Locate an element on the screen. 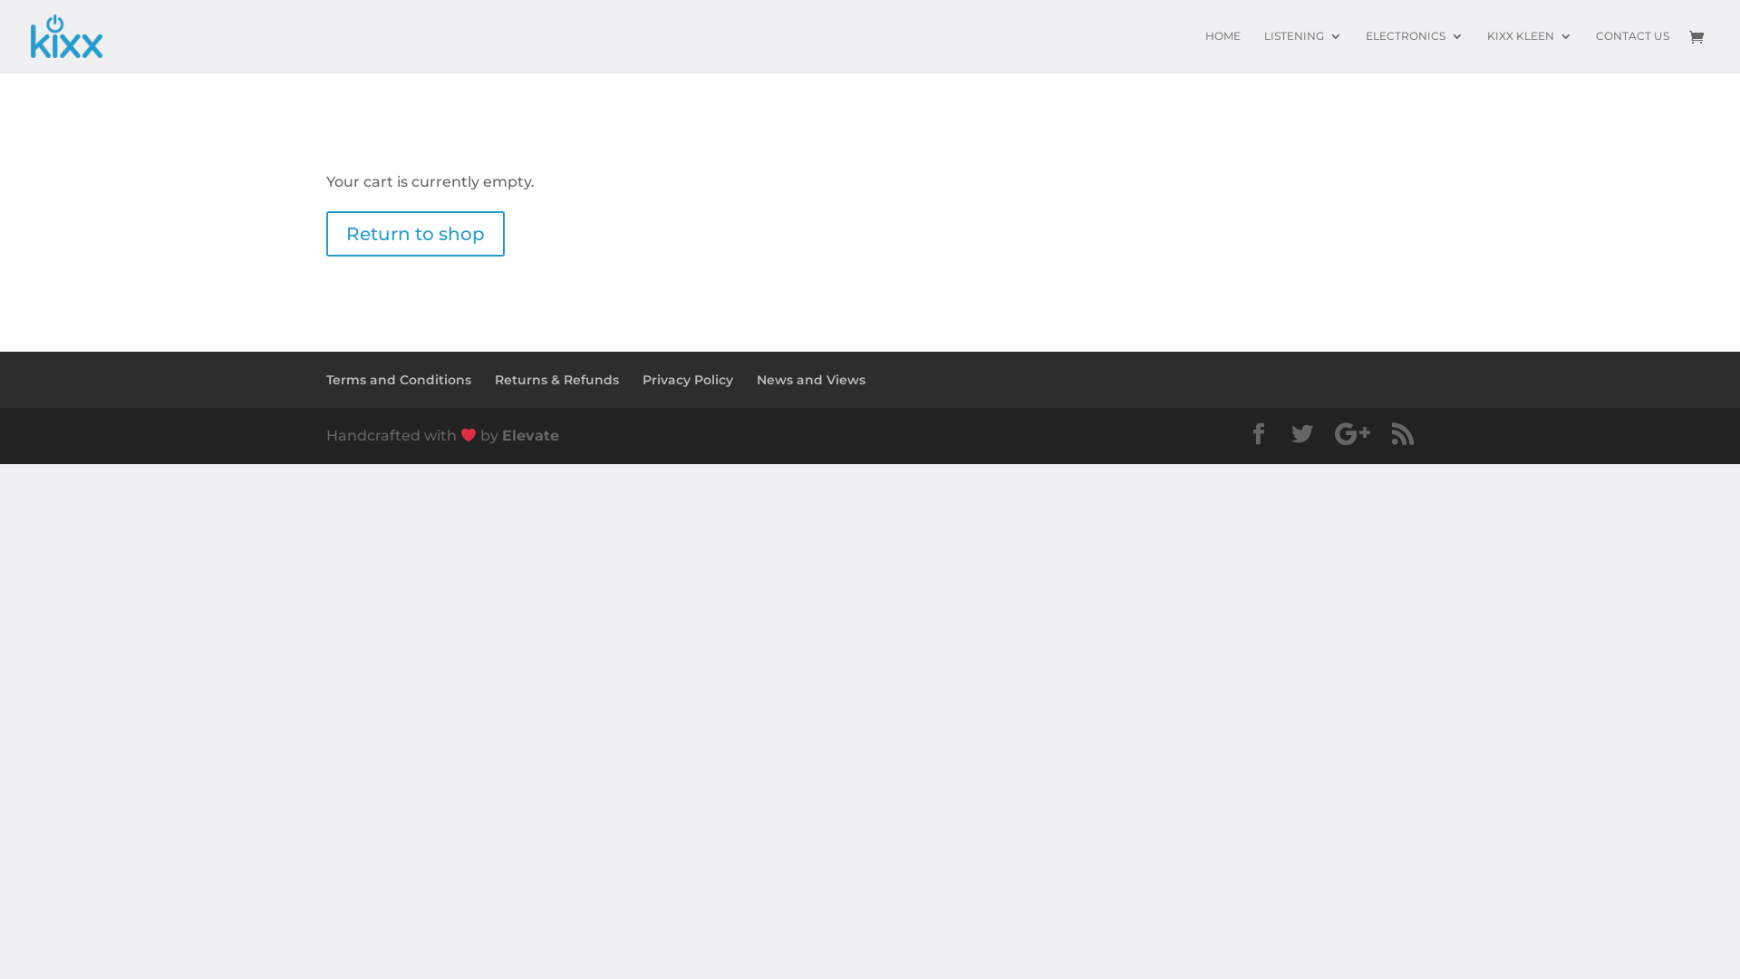  'LISTENING' is located at coordinates (1302, 50).